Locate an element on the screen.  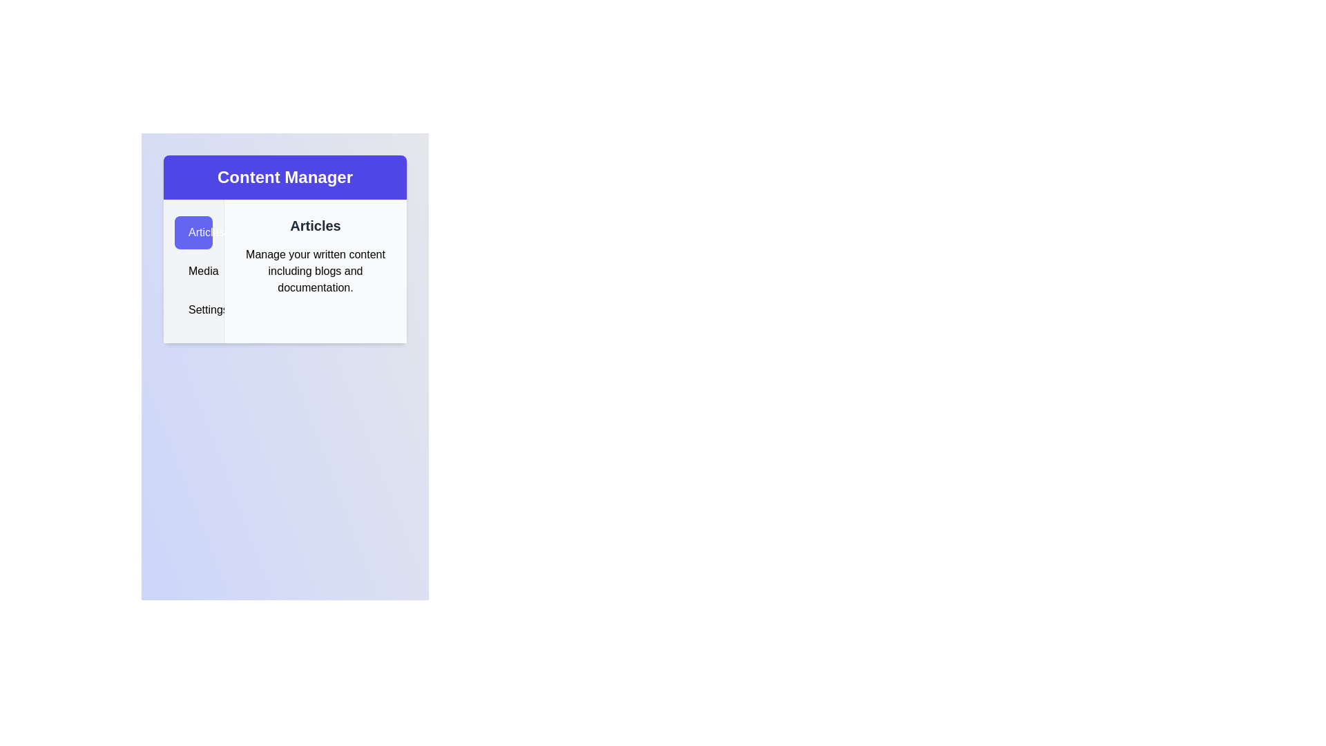
the Articles tab is located at coordinates (193, 231).